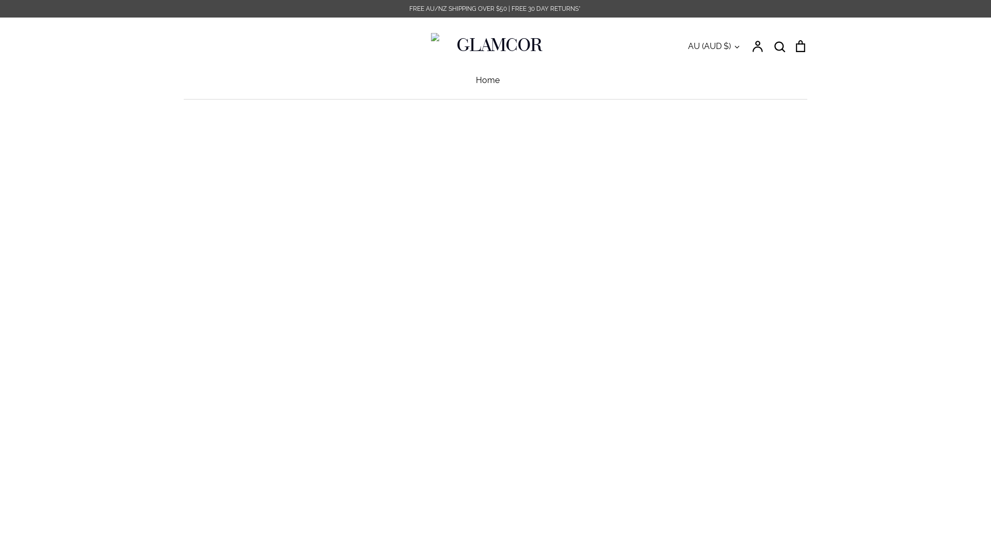  Describe the element at coordinates (751, 45) in the screenshot. I see `'Account'` at that location.